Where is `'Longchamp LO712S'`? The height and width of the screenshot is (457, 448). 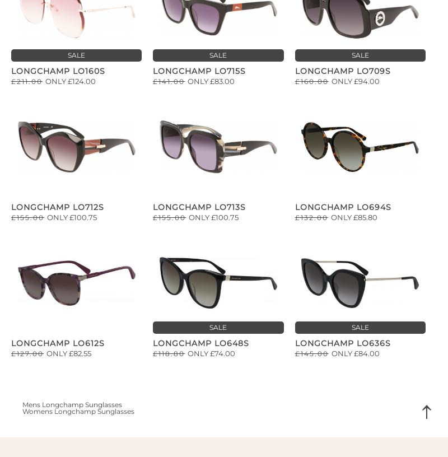 'Longchamp LO712S' is located at coordinates (57, 206).